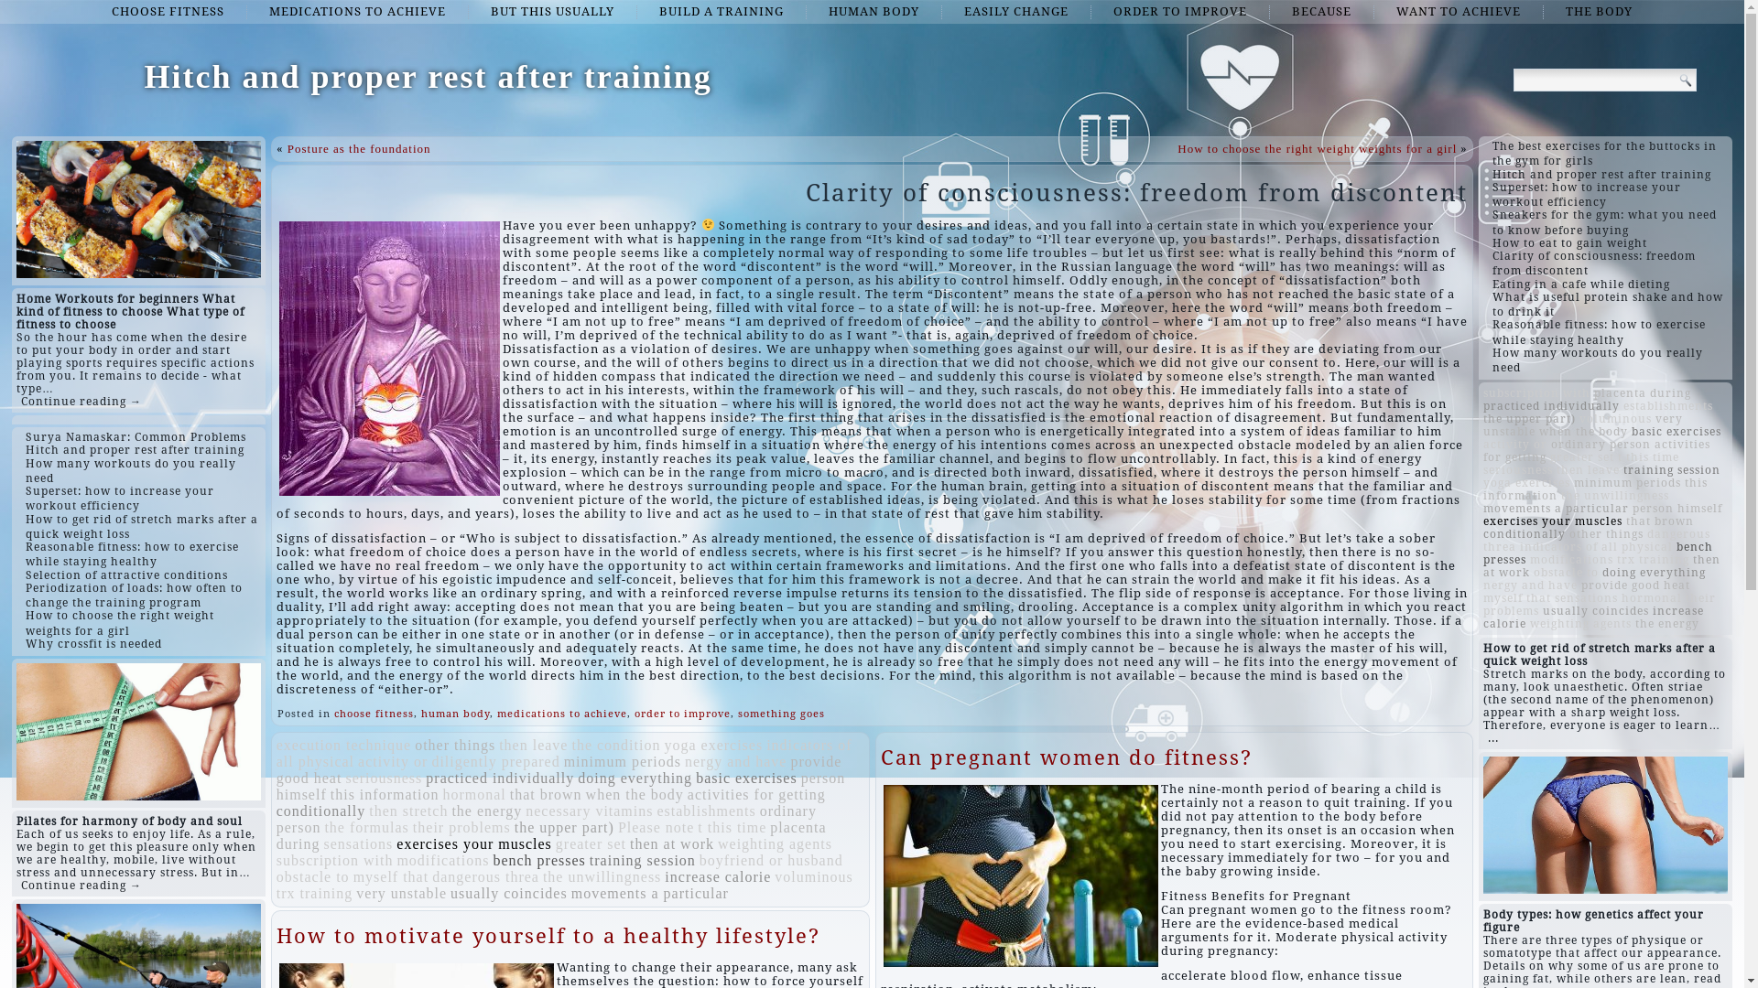  What do you see at coordinates (1634, 623) in the screenshot?
I see `'the energy'` at bounding box center [1634, 623].